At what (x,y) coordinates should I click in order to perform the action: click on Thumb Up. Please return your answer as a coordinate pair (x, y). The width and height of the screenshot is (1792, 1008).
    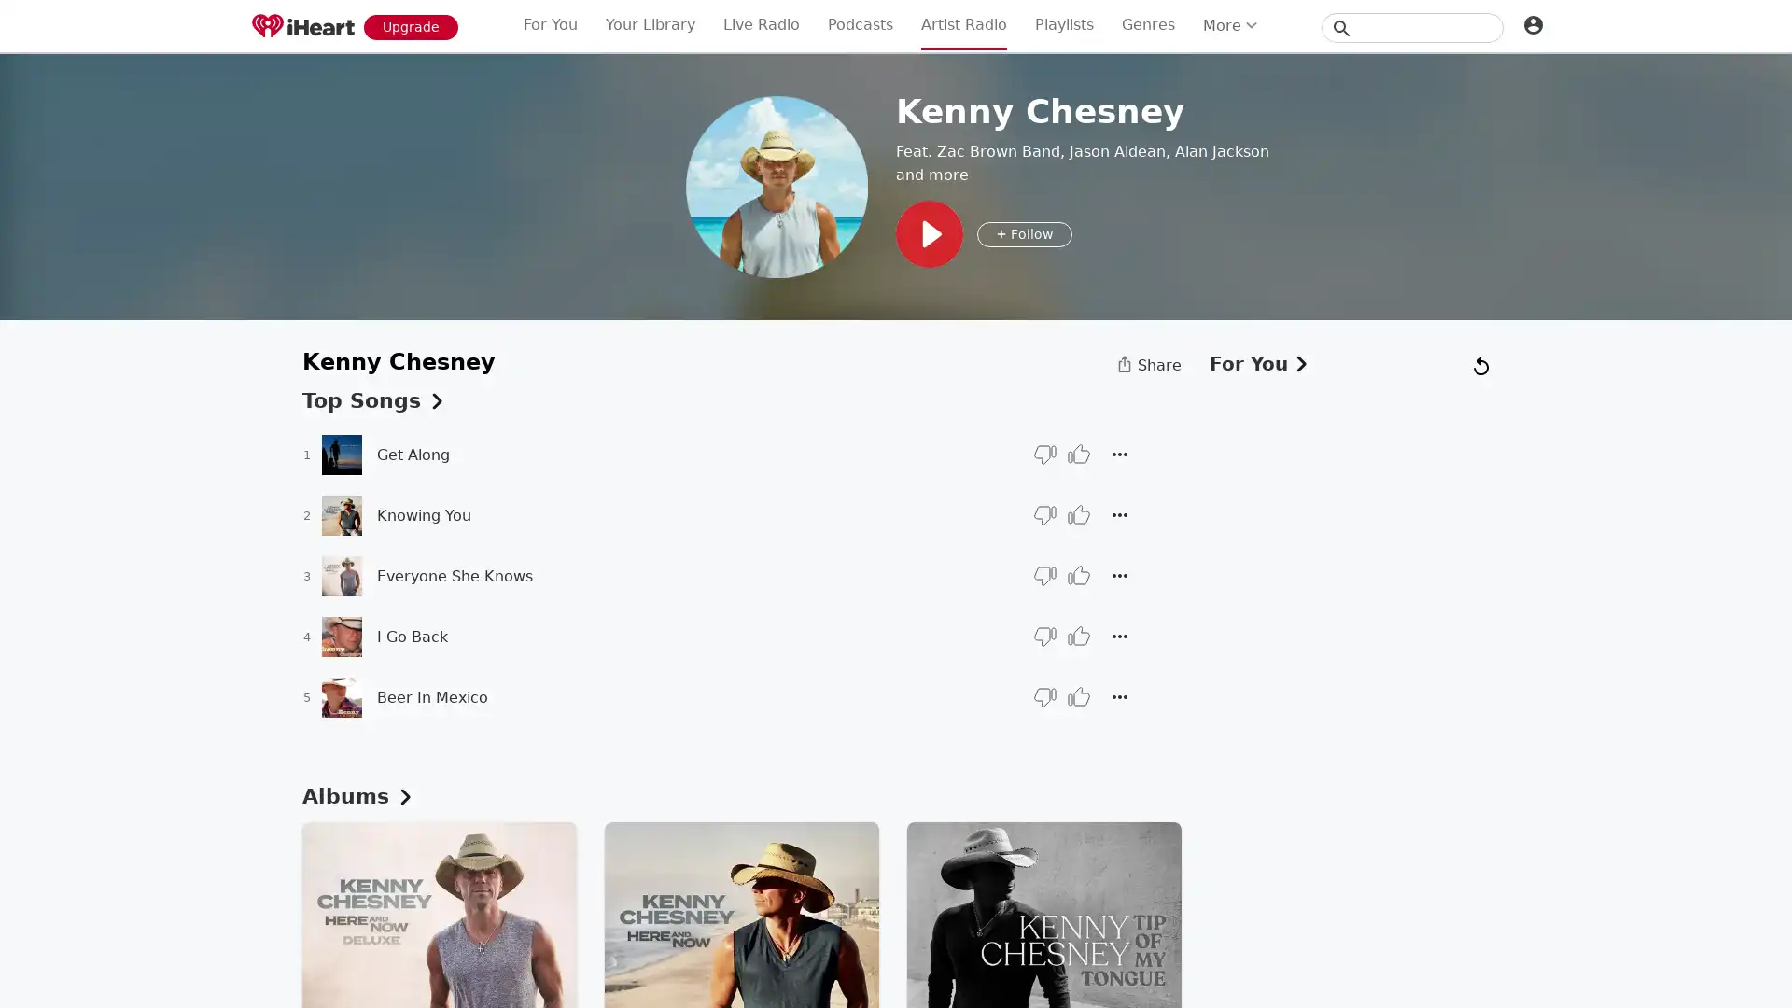
    Looking at the image, I should click on (1079, 697).